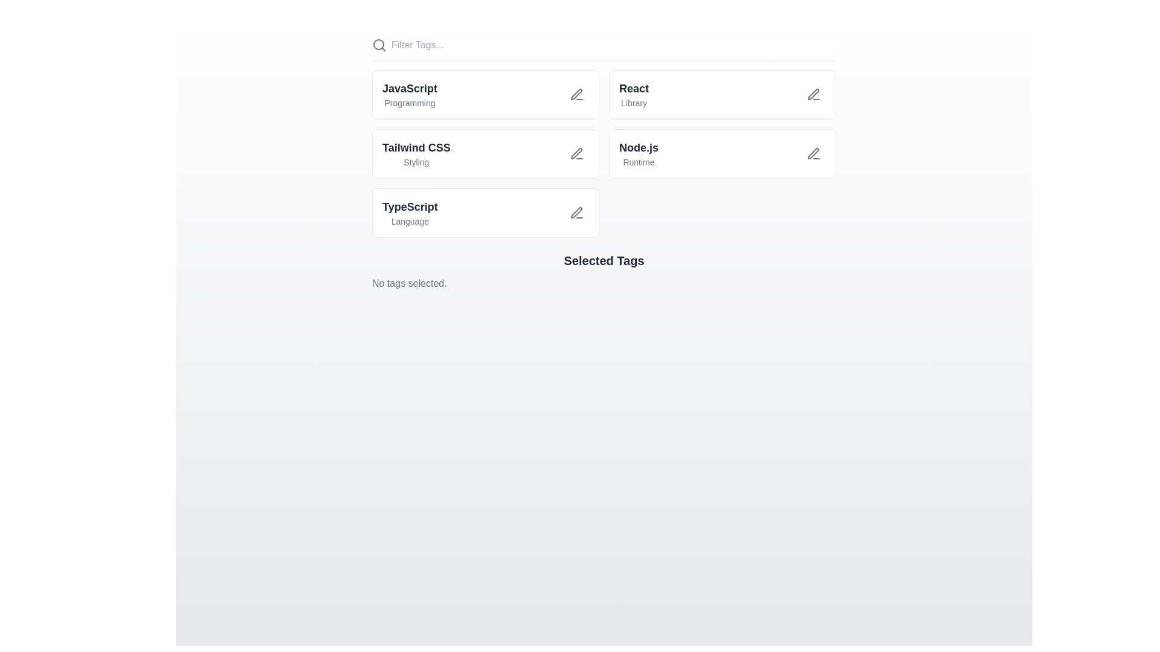 This screenshot has width=1160, height=652. Describe the element at coordinates (410, 221) in the screenshot. I see `the static text label that displays the word 'Language', which is positioned below the bold 'TypeScript' text in a lighter gray color` at that location.